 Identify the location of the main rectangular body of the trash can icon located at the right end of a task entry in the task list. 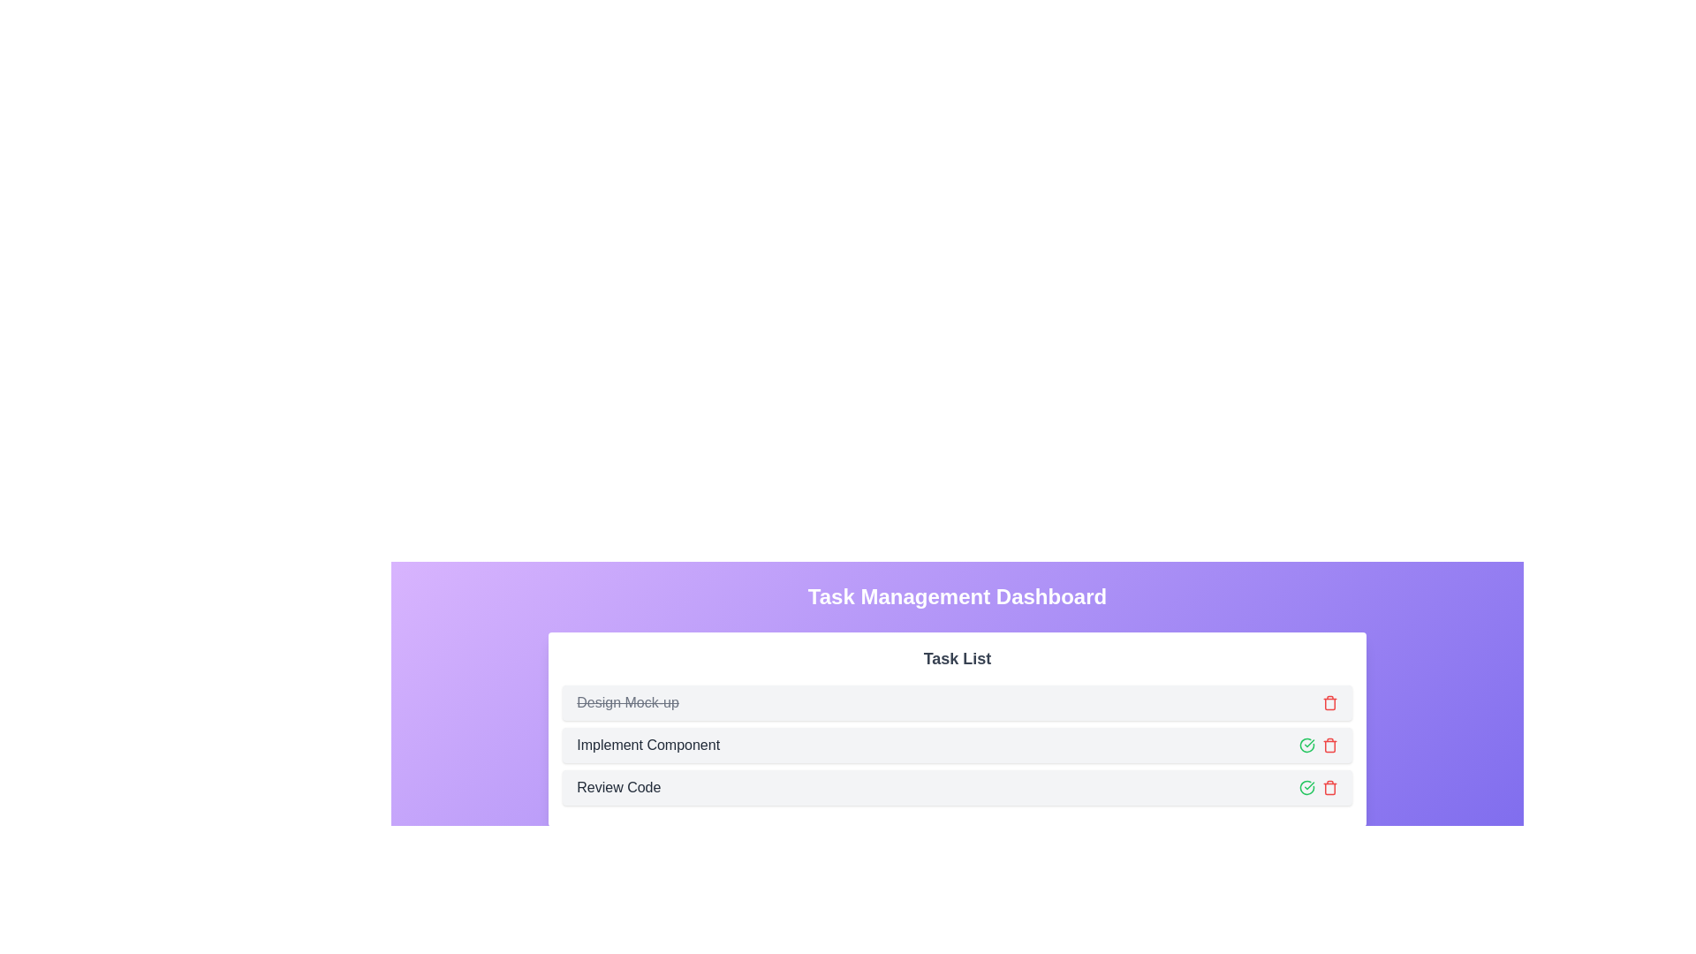
(1329, 703).